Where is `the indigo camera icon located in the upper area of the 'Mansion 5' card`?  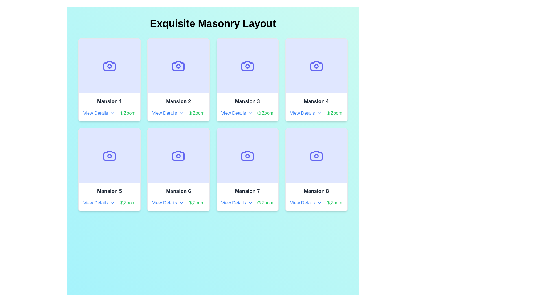 the indigo camera icon located in the upper area of the 'Mansion 5' card is located at coordinates (110, 156).